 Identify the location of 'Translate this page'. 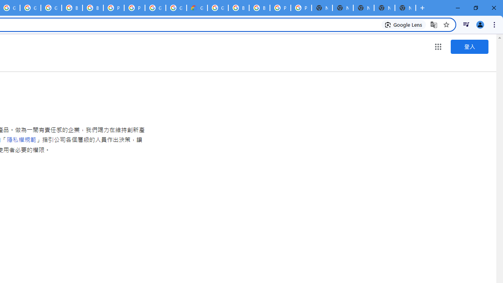
(433, 24).